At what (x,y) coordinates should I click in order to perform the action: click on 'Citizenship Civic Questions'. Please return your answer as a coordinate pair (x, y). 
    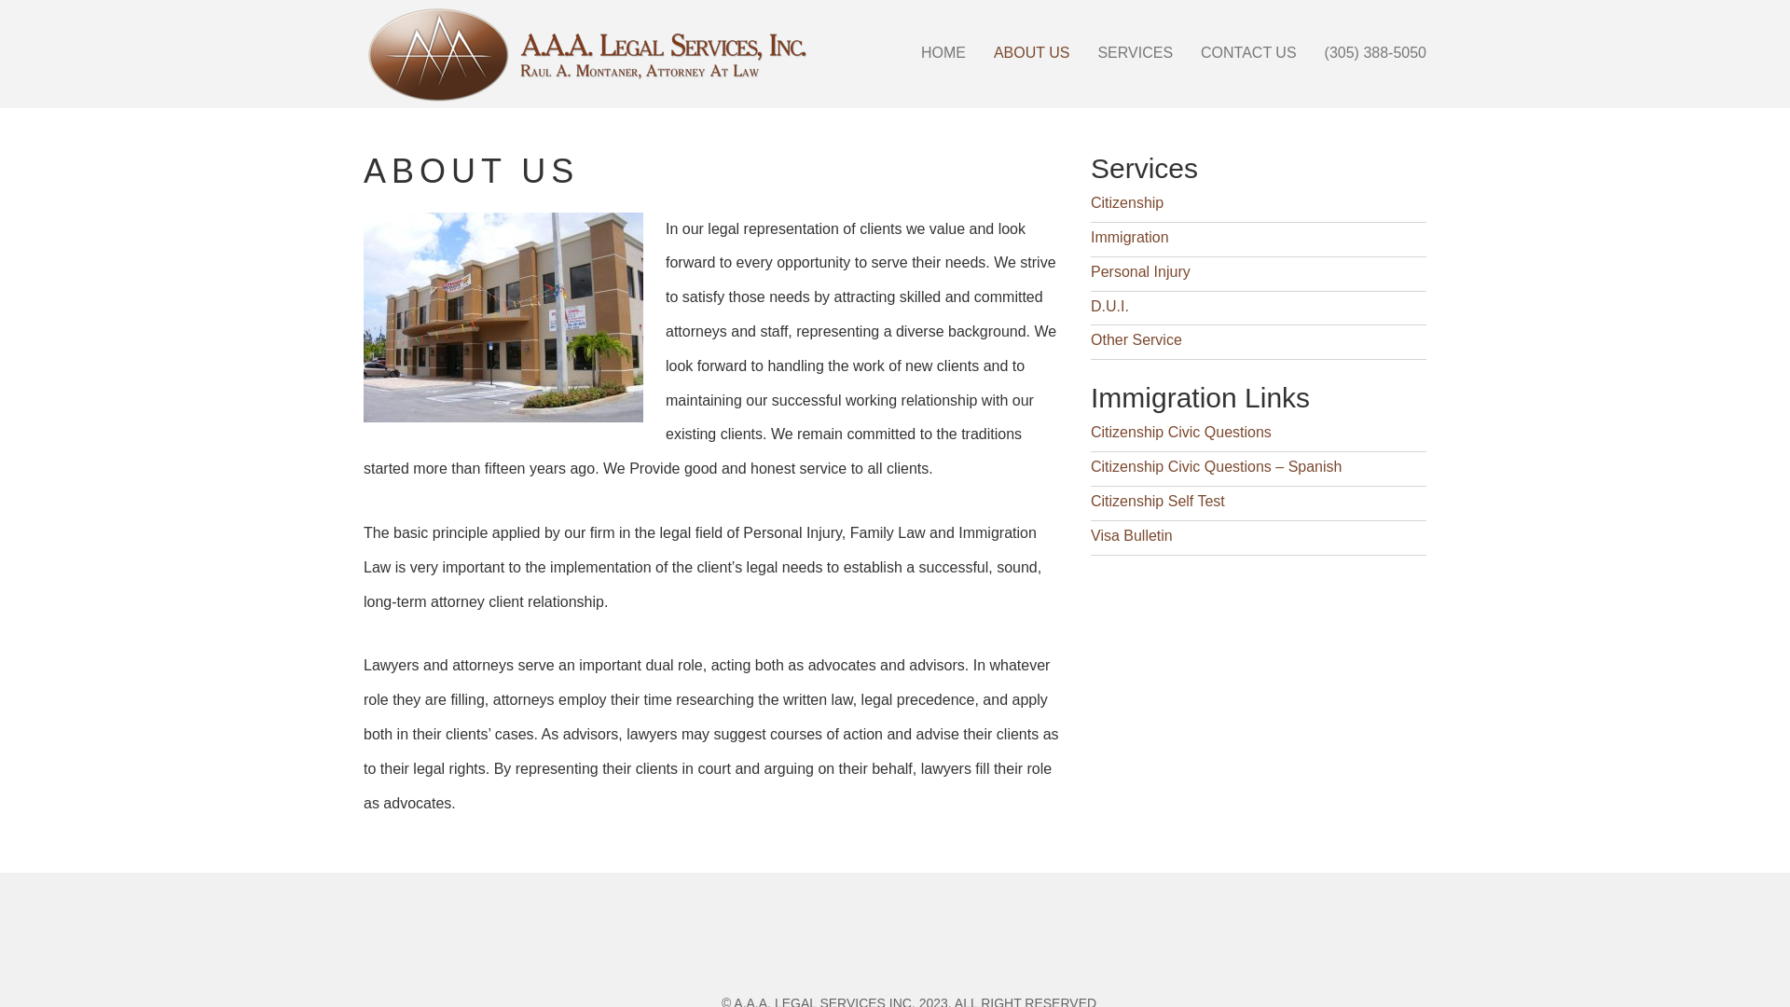
    Looking at the image, I should click on (1091, 432).